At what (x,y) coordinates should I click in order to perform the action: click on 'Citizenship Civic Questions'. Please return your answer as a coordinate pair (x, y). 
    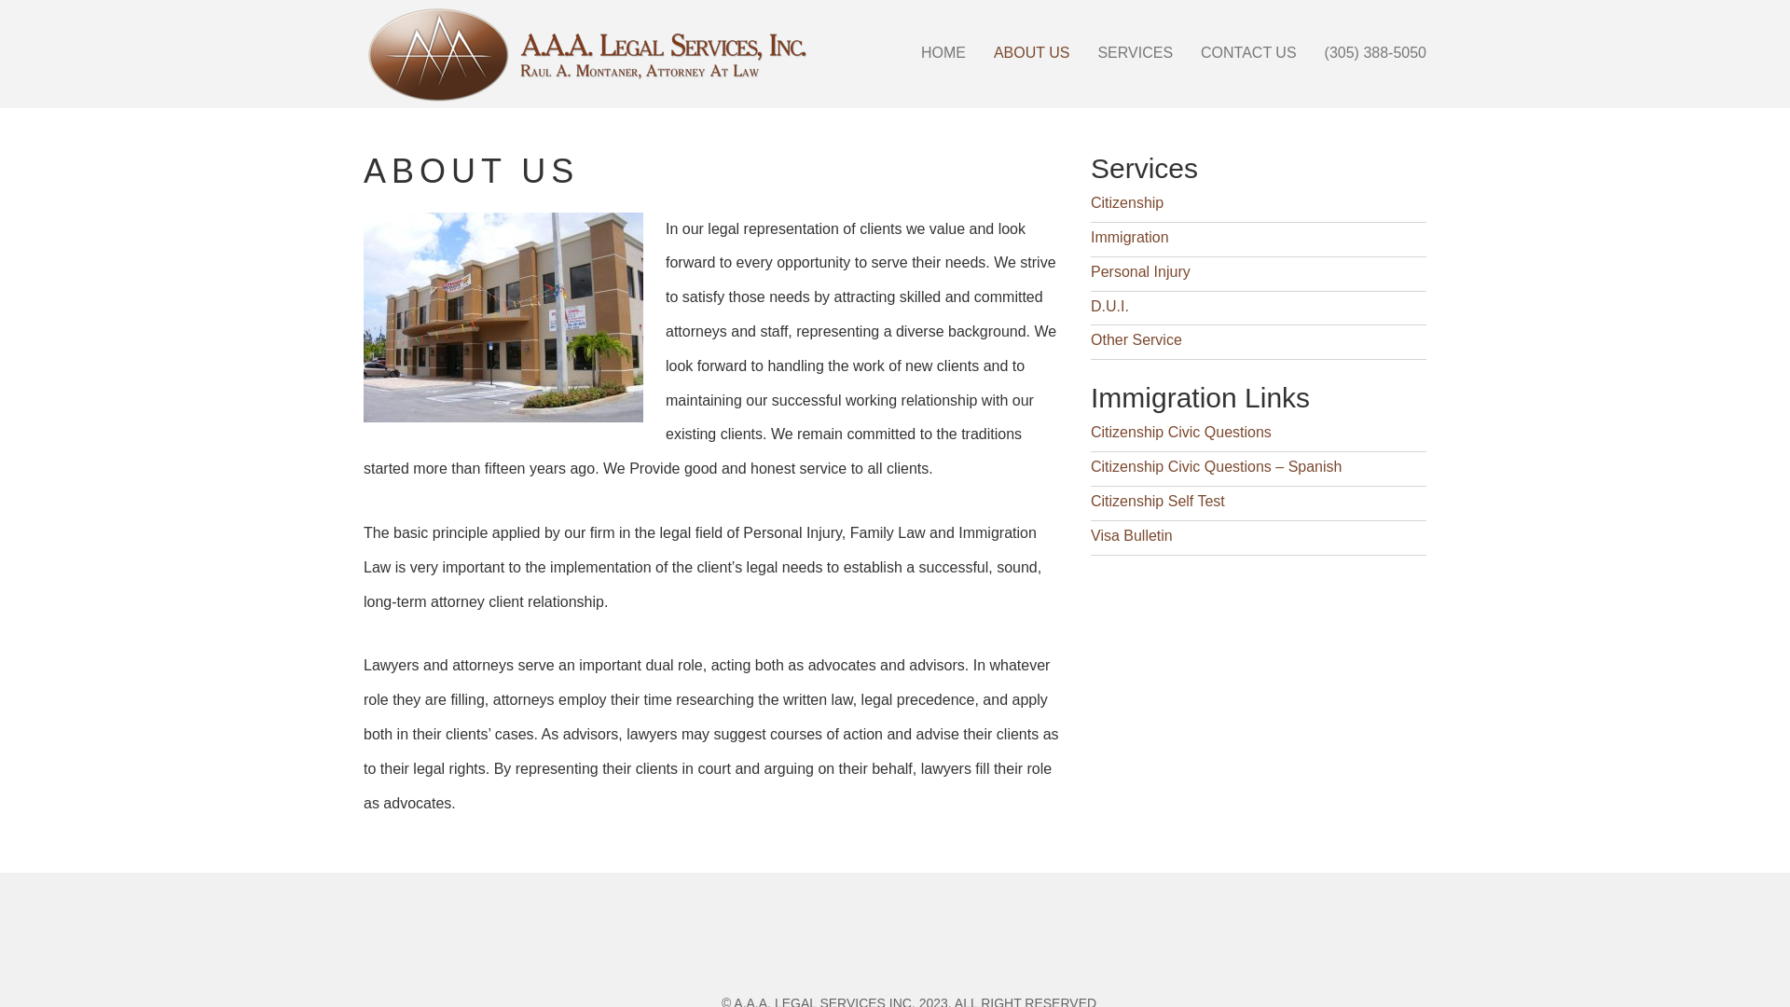
    Looking at the image, I should click on (1091, 432).